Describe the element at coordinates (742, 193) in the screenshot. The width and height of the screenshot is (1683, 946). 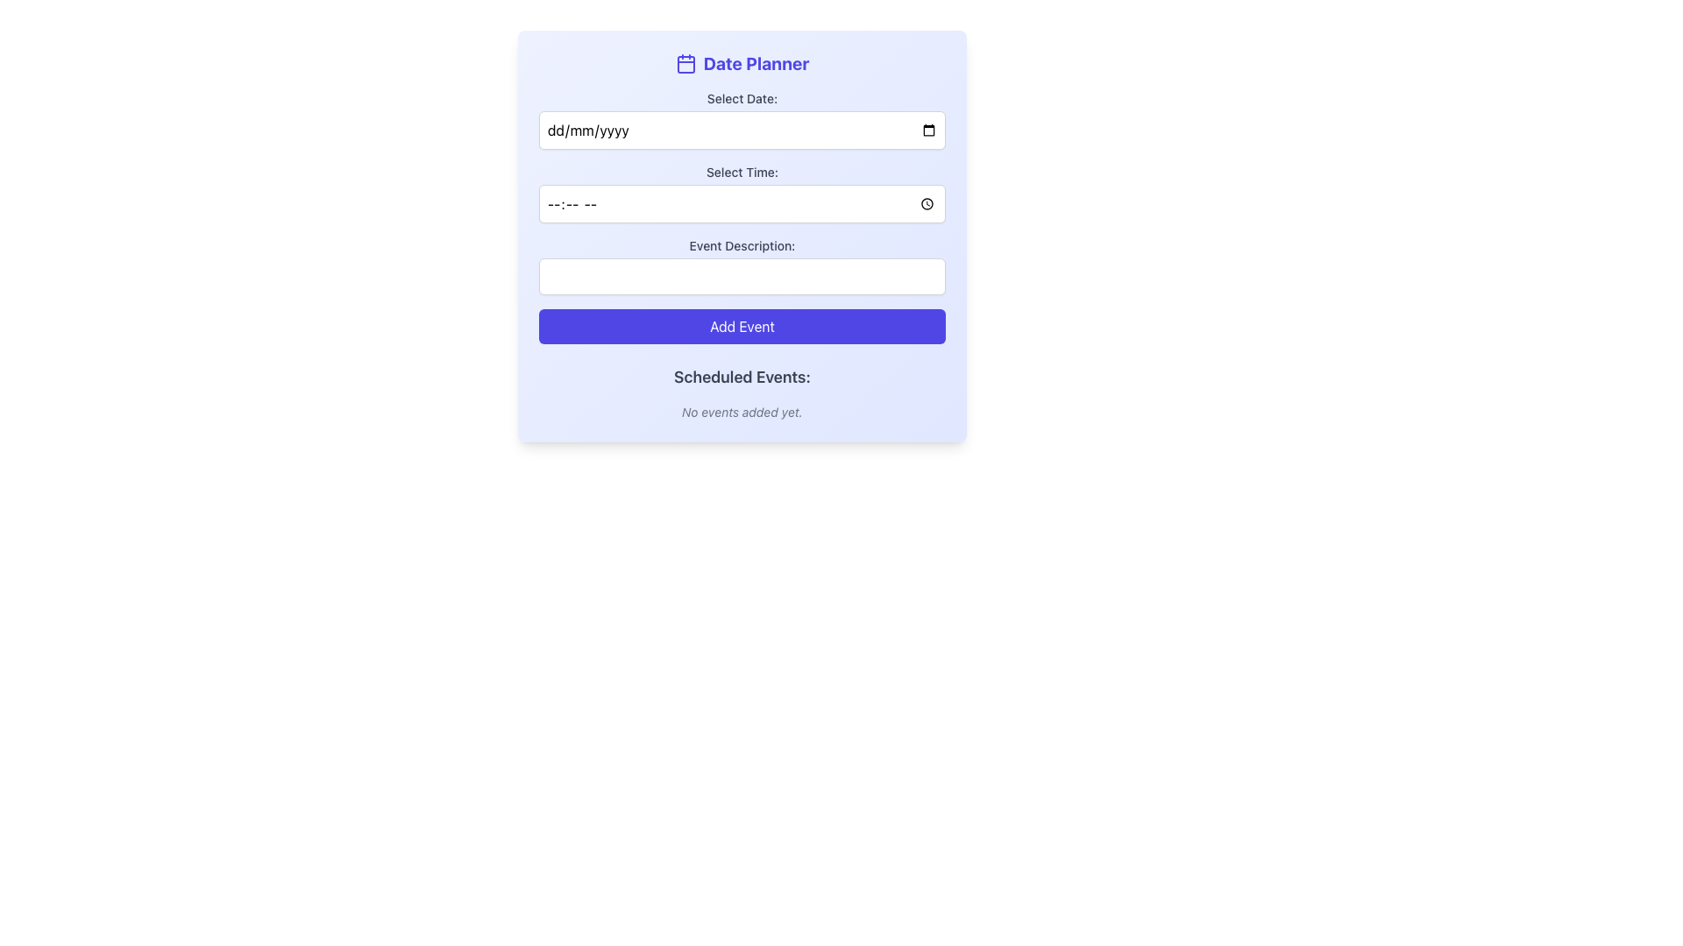
I see `the time input field labeled 'Select Time:'` at that location.